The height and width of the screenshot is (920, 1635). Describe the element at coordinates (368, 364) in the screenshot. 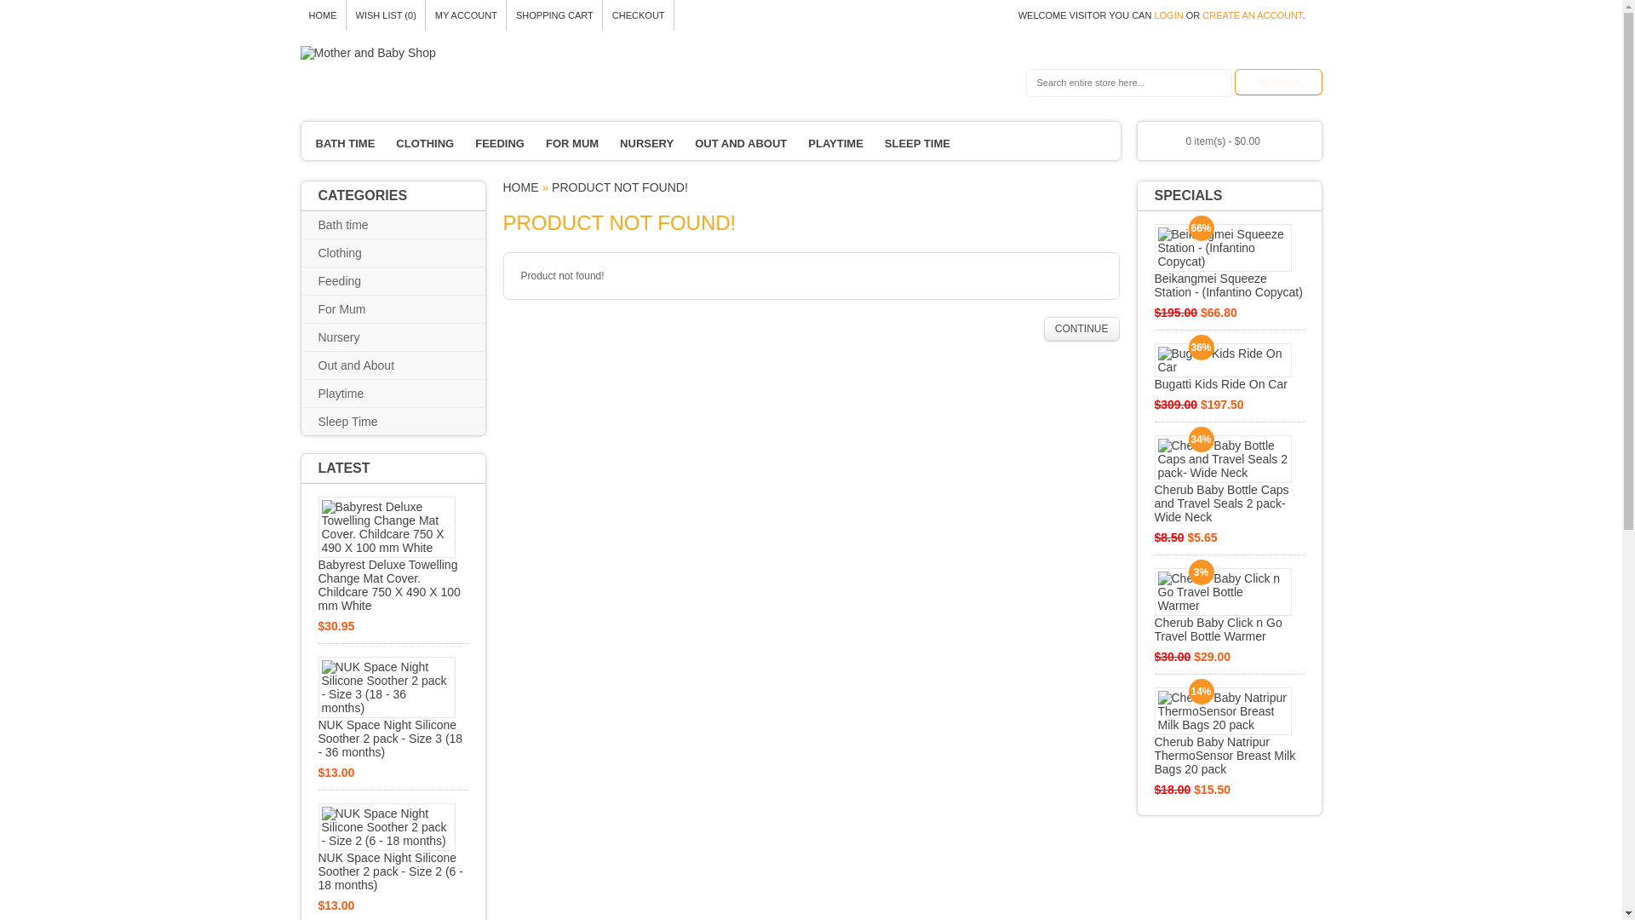

I see `'Out and About'` at that location.